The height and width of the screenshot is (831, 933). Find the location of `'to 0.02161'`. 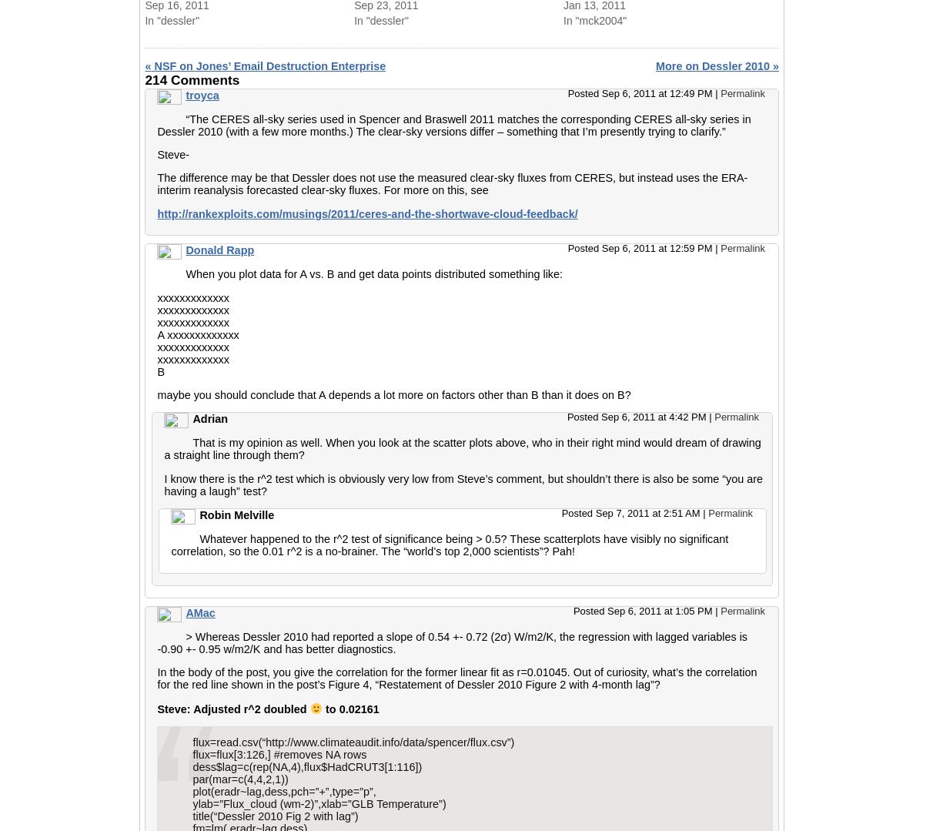

'to 0.02161' is located at coordinates (349, 708).